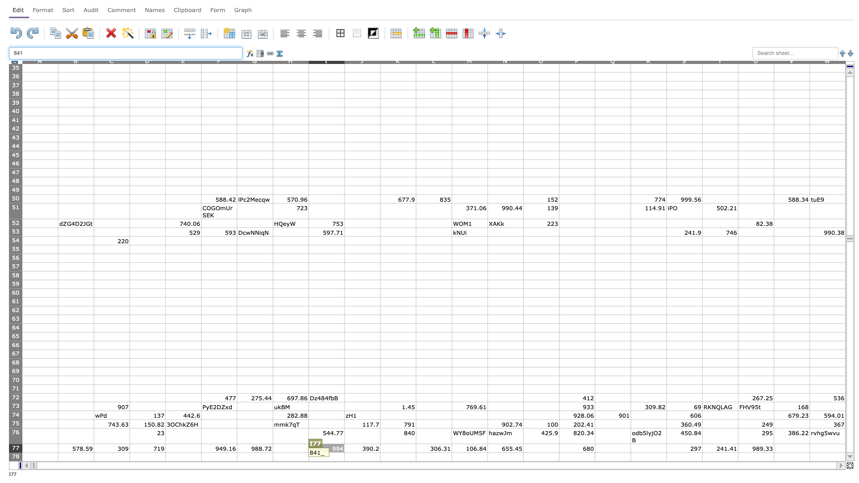  What do you see at coordinates (595, 452) in the screenshot?
I see `top left corner of Q78` at bounding box center [595, 452].